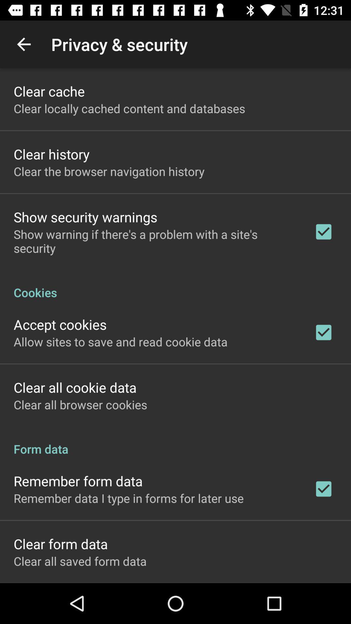 The height and width of the screenshot is (624, 351). I want to click on the clear locally cached app, so click(129, 108).